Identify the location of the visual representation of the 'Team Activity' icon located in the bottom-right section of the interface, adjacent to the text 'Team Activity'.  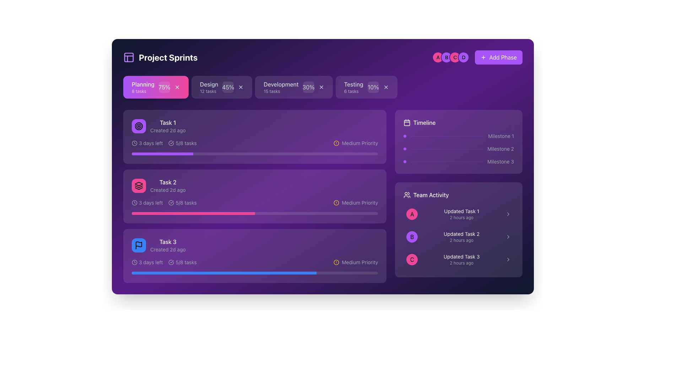
(407, 195).